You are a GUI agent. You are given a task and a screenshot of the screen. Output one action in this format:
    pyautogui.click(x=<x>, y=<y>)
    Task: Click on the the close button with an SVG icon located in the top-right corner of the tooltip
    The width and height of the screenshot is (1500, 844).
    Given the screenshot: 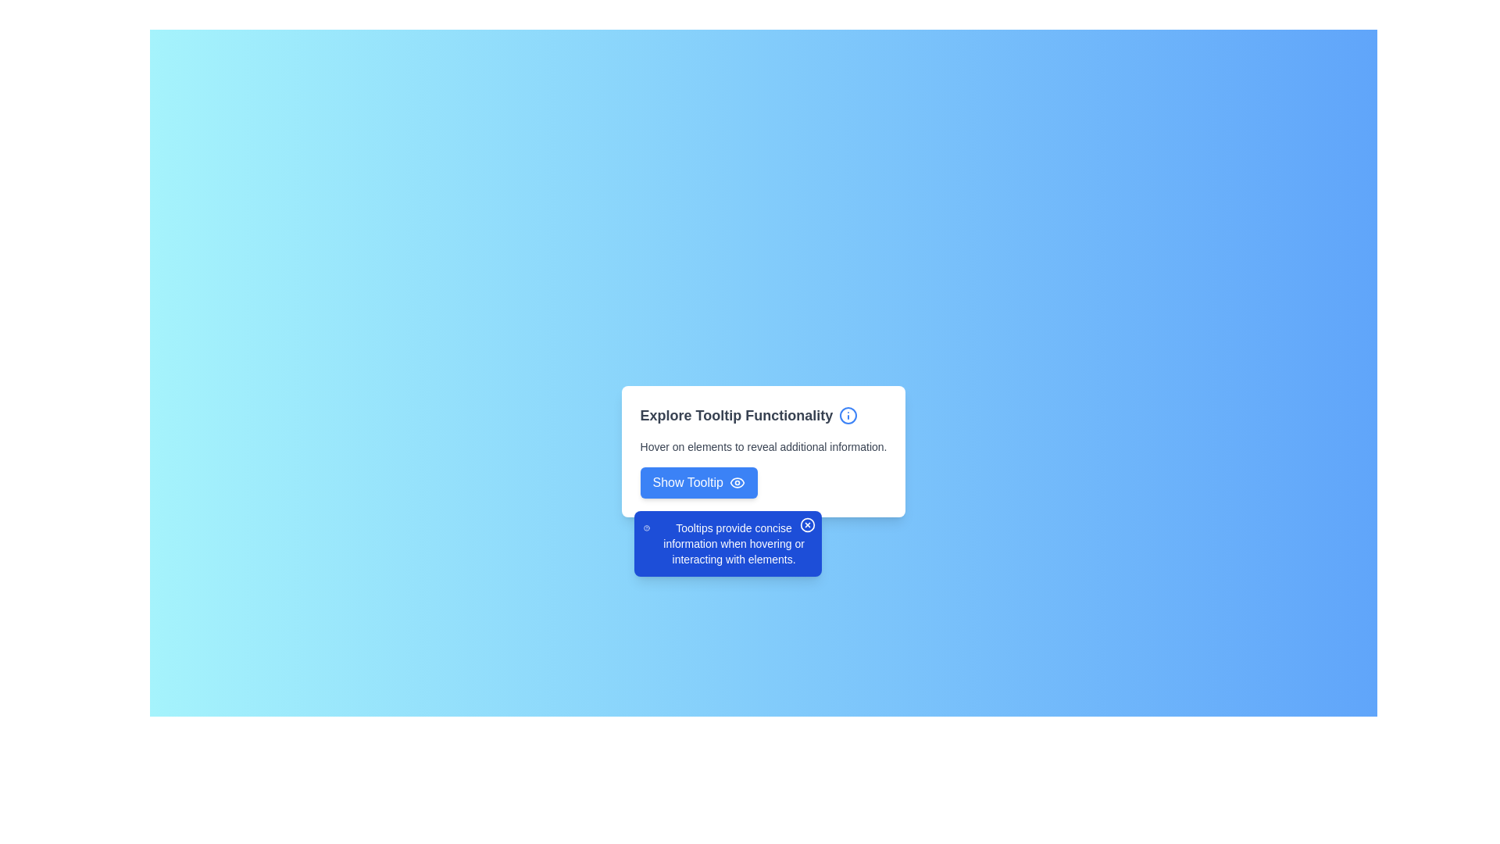 What is the action you would take?
    pyautogui.click(x=807, y=524)
    